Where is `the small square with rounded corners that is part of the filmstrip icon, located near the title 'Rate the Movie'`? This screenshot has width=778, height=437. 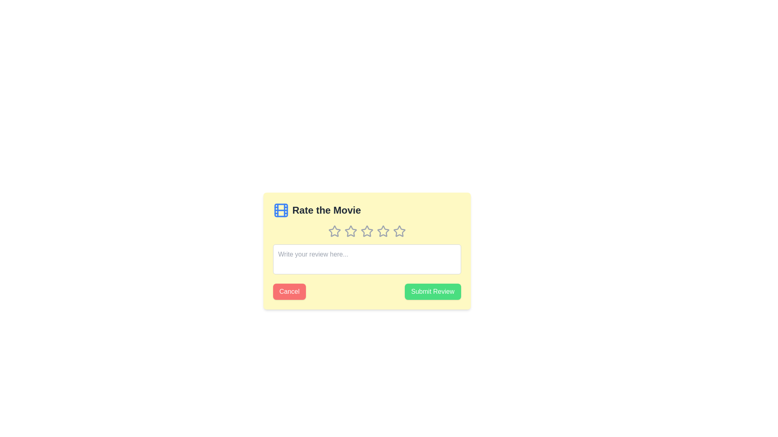 the small square with rounded corners that is part of the filmstrip icon, located near the title 'Rate the Movie' is located at coordinates (281, 210).